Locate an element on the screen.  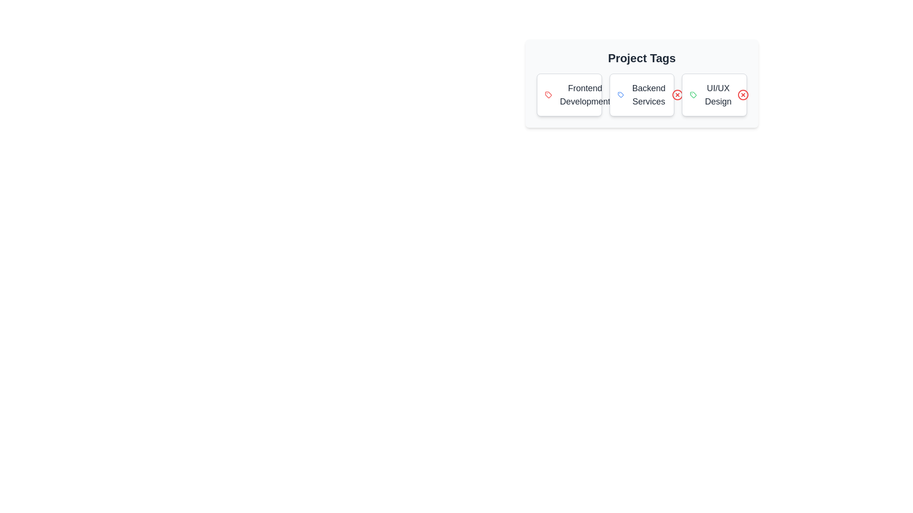
the tag icon for Frontend Development is located at coordinates (548, 95).